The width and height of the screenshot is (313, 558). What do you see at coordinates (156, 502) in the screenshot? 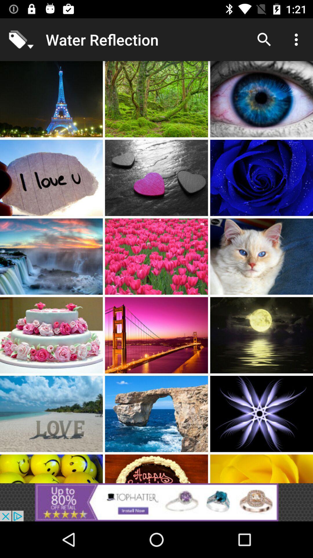
I see `click on this advertisement` at bounding box center [156, 502].